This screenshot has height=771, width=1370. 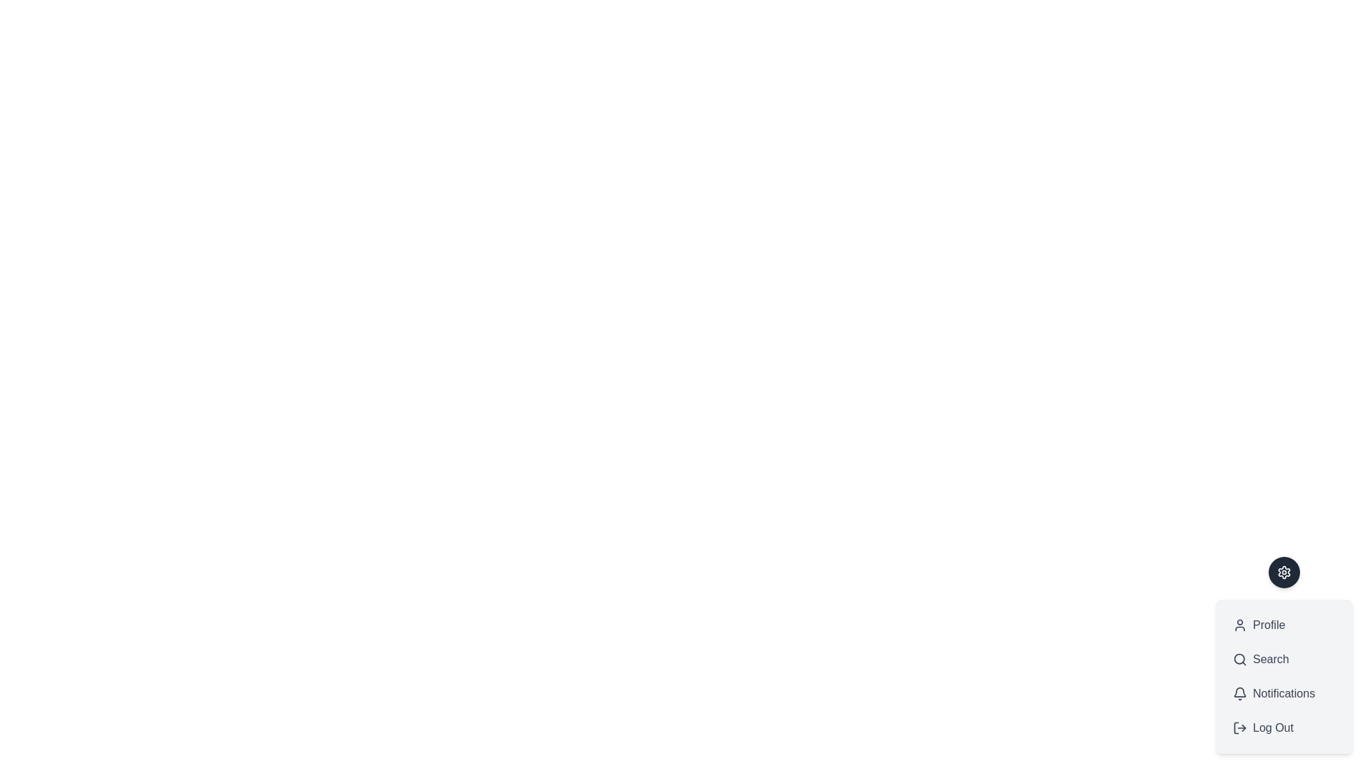 I want to click on the search icon located in the second menu item of the vertical list within the pop-up menu, positioned directly below the 'Profile' item and above 'Notifications', so click(x=1239, y=660).